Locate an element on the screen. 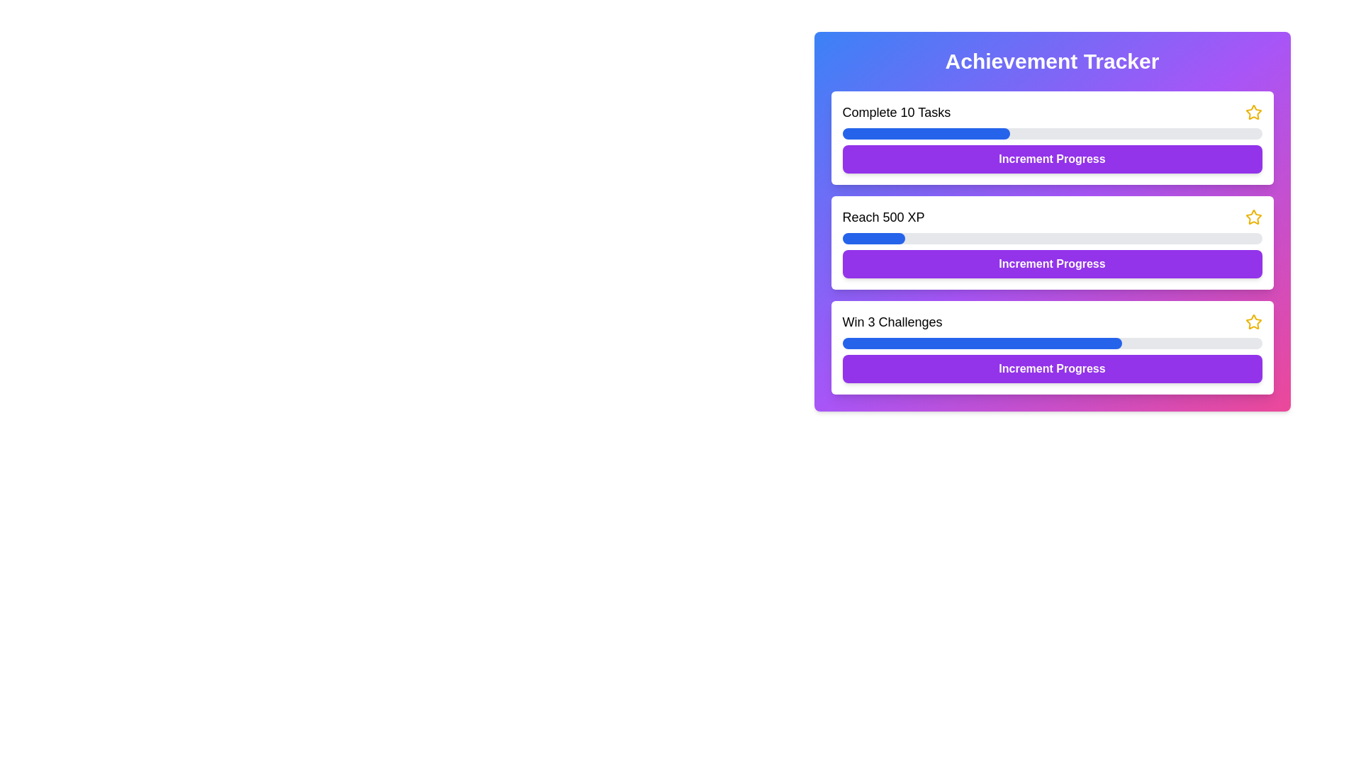  the 'Achievement Tracker' text header, which is prominently displayed in a large, bold, white font at the top of a card-like interface with a blue to pink gradient background is located at coordinates (1052, 61).